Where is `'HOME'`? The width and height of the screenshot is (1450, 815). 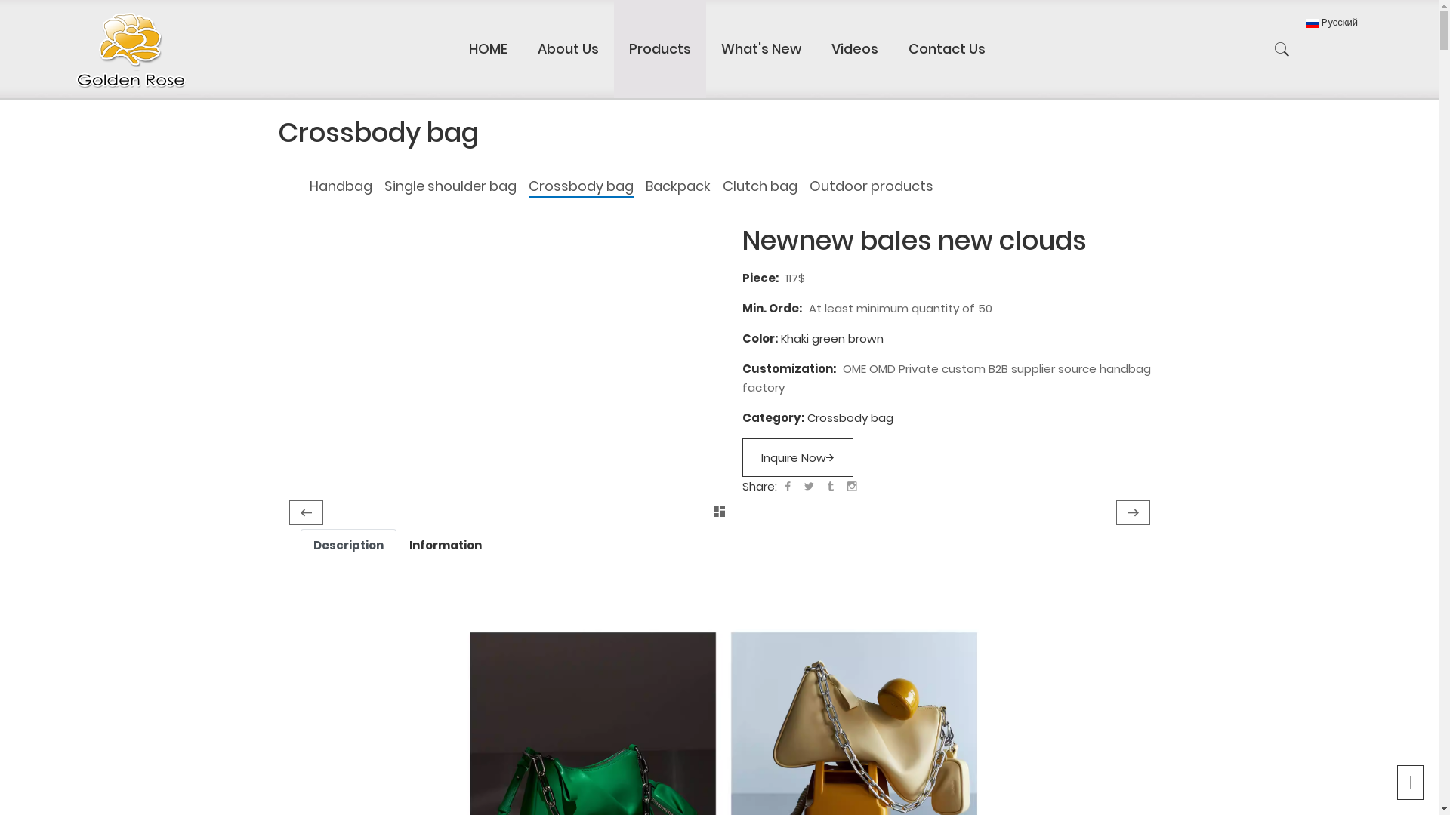 'HOME' is located at coordinates (488, 48).